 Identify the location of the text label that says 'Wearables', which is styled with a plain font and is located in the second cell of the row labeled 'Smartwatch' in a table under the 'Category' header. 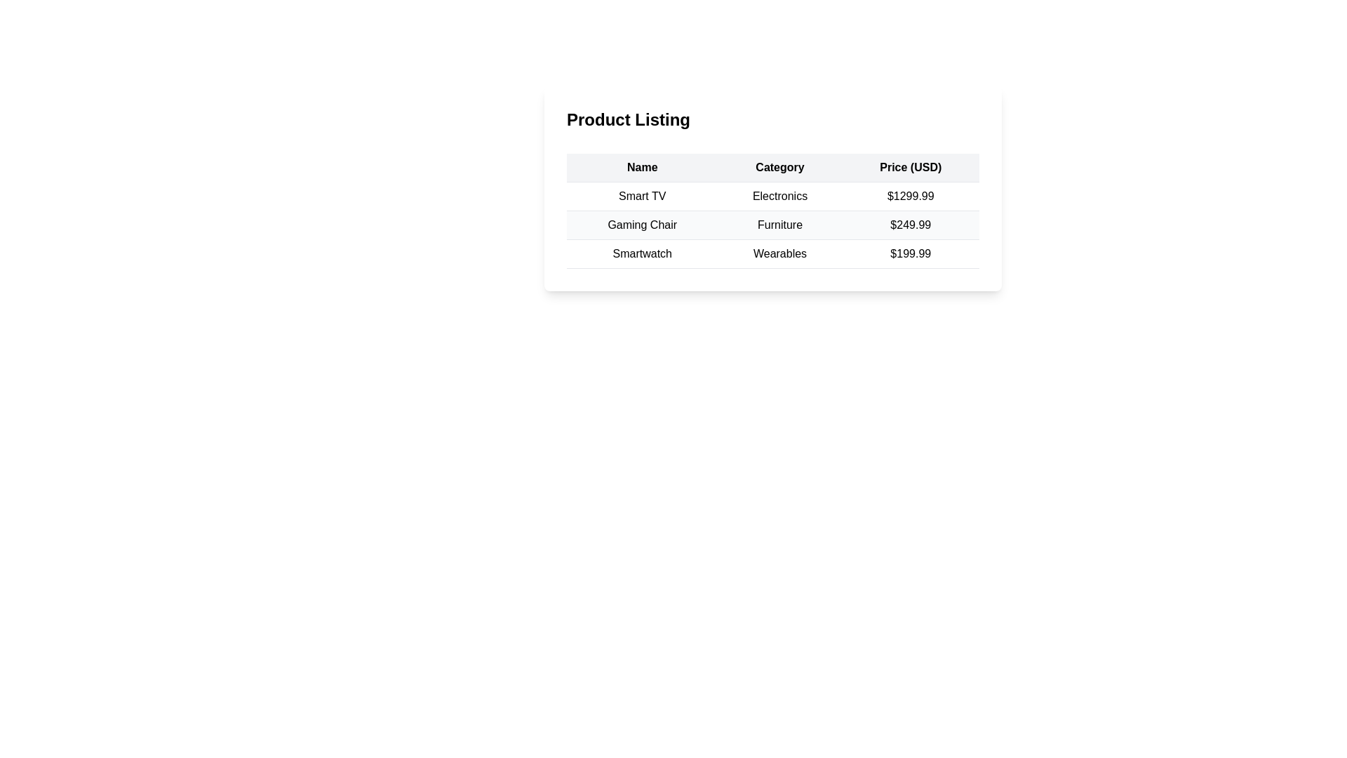
(779, 254).